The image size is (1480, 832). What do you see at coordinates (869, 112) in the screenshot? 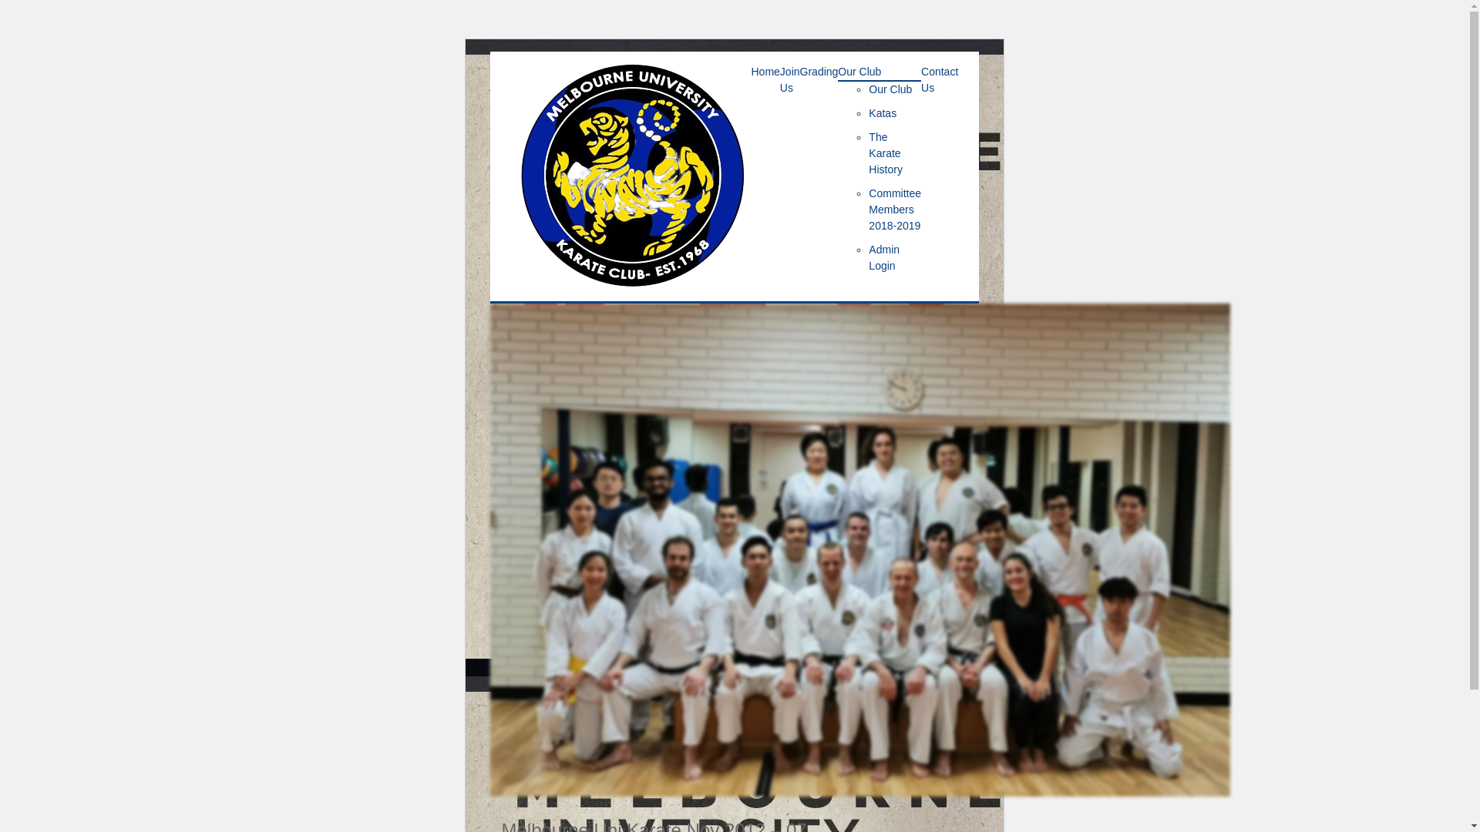
I see `'Katas'` at bounding box center [869, 112].